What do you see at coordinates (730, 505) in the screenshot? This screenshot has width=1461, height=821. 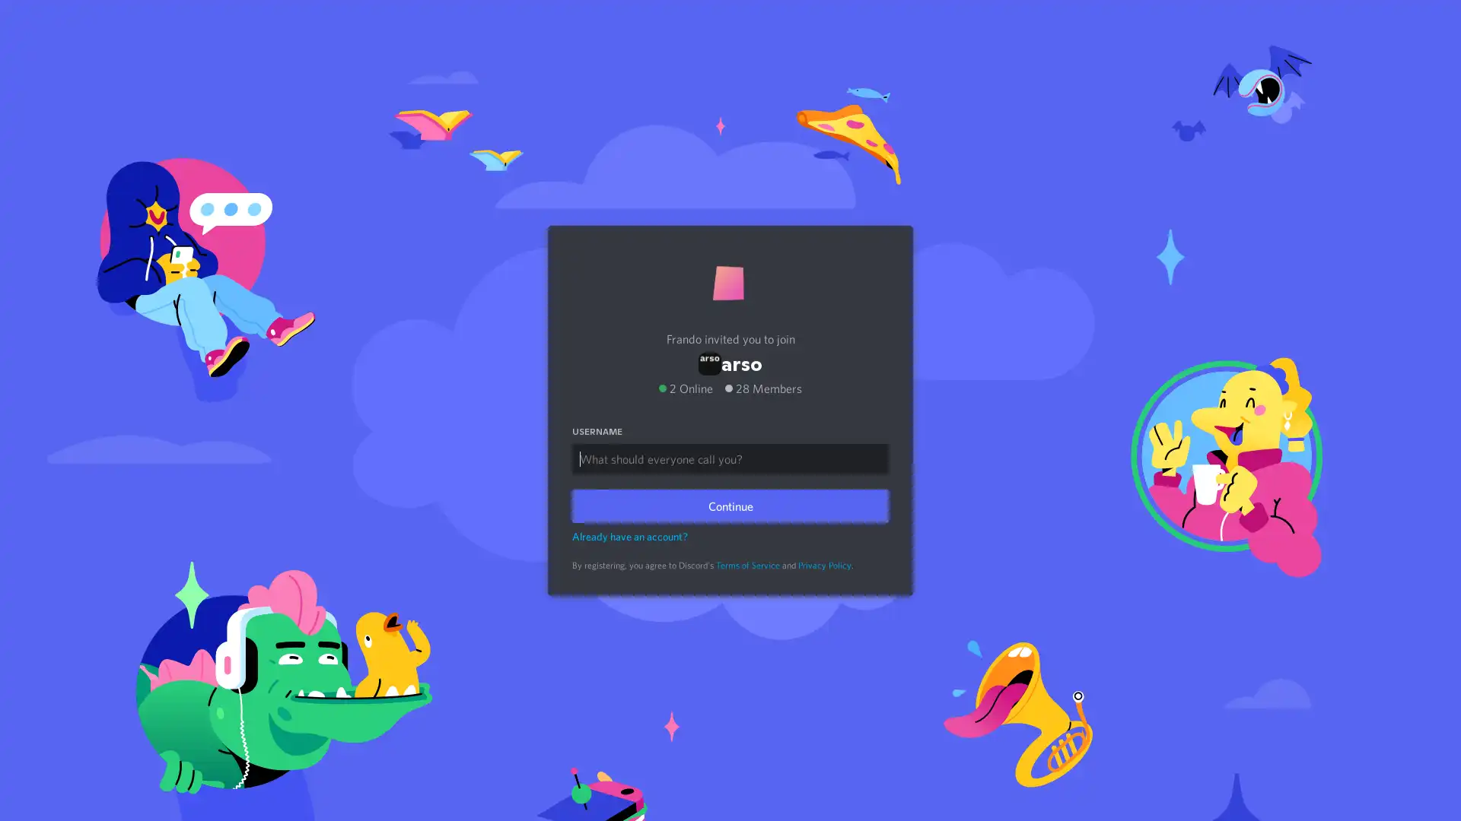 I see `Continue` at bounding box center [730, 505].